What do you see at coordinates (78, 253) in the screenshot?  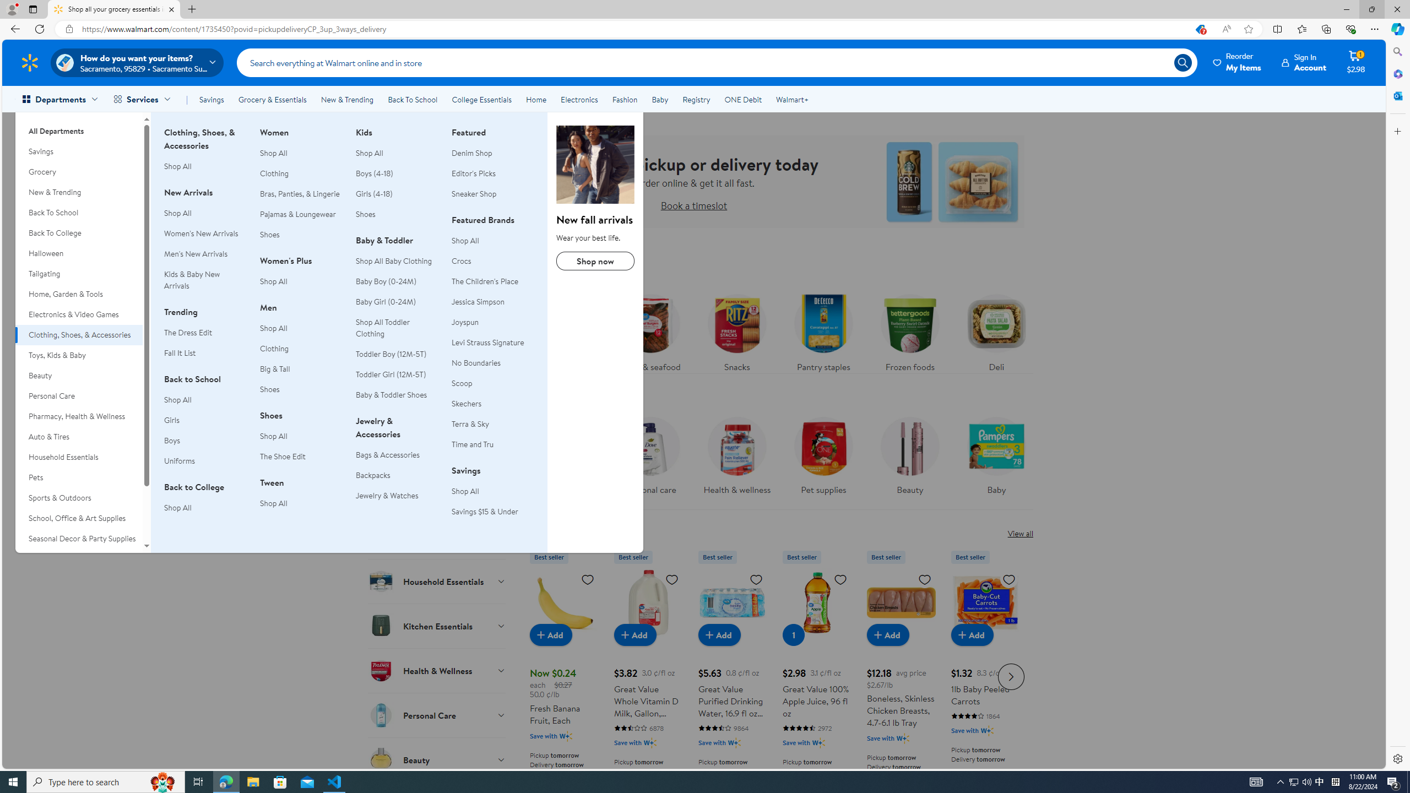 I see `'Halloween'` at bounding box center [78, 253].